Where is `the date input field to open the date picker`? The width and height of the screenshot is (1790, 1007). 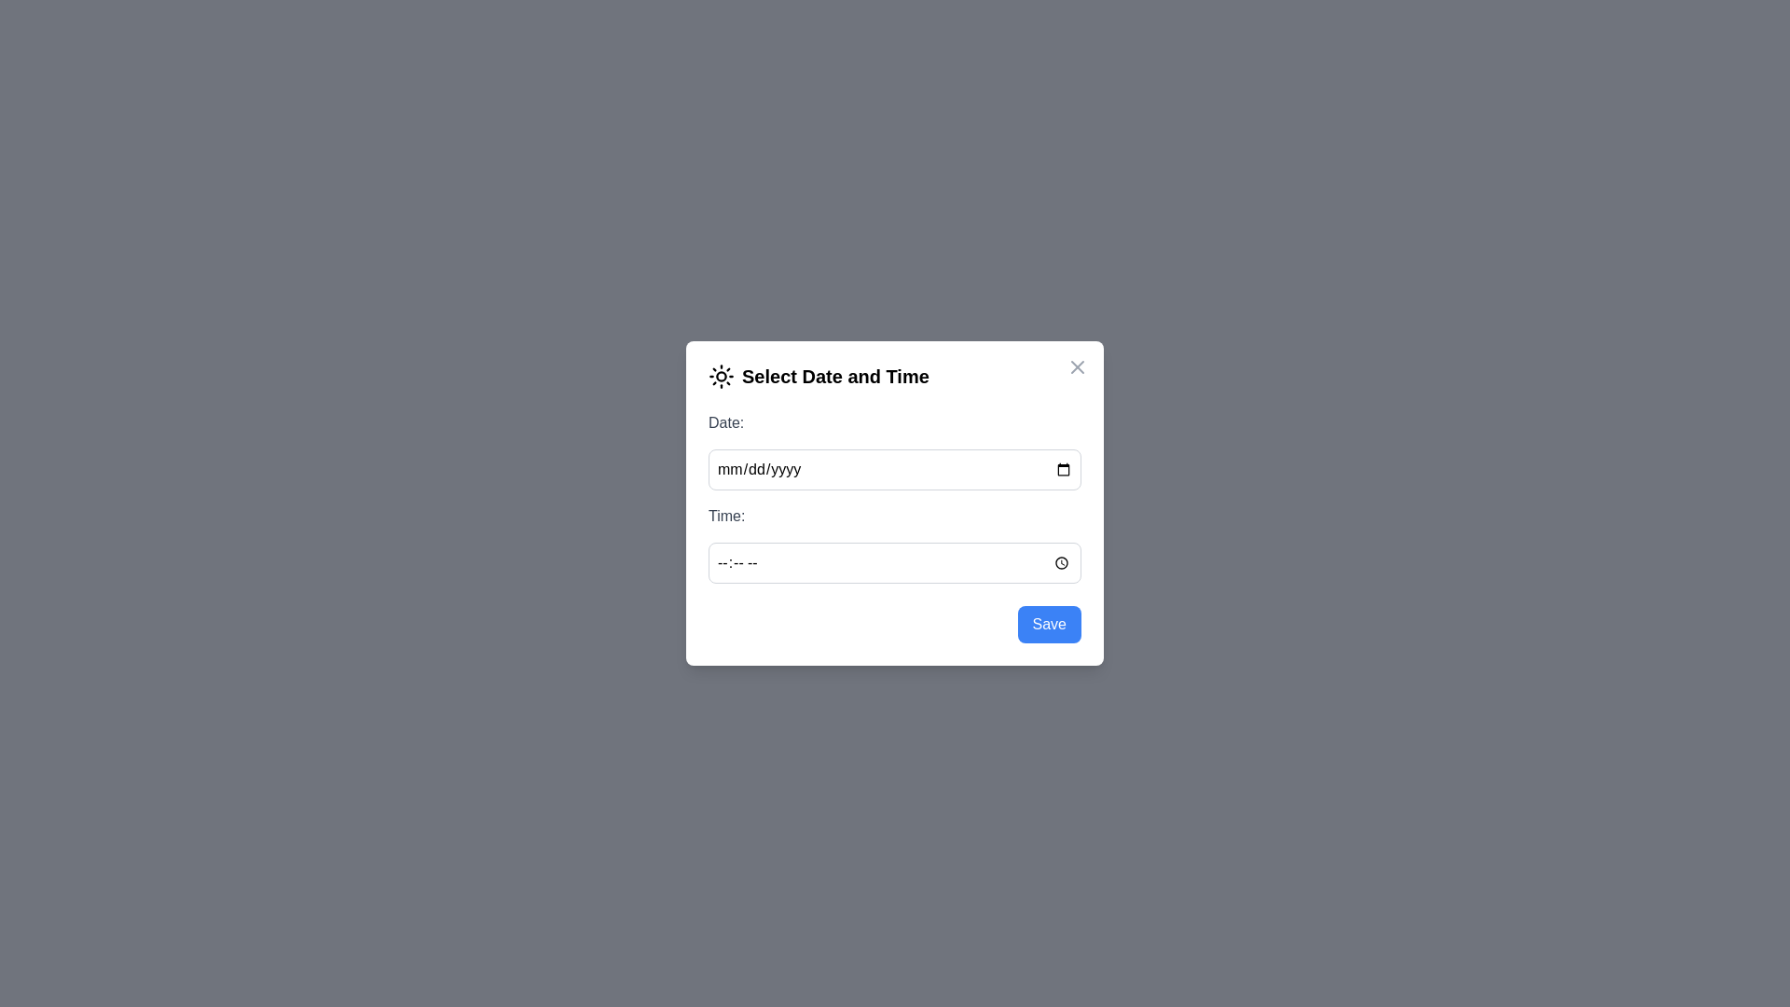 the date input field to open the date picker is located at coordinates (895, 469).